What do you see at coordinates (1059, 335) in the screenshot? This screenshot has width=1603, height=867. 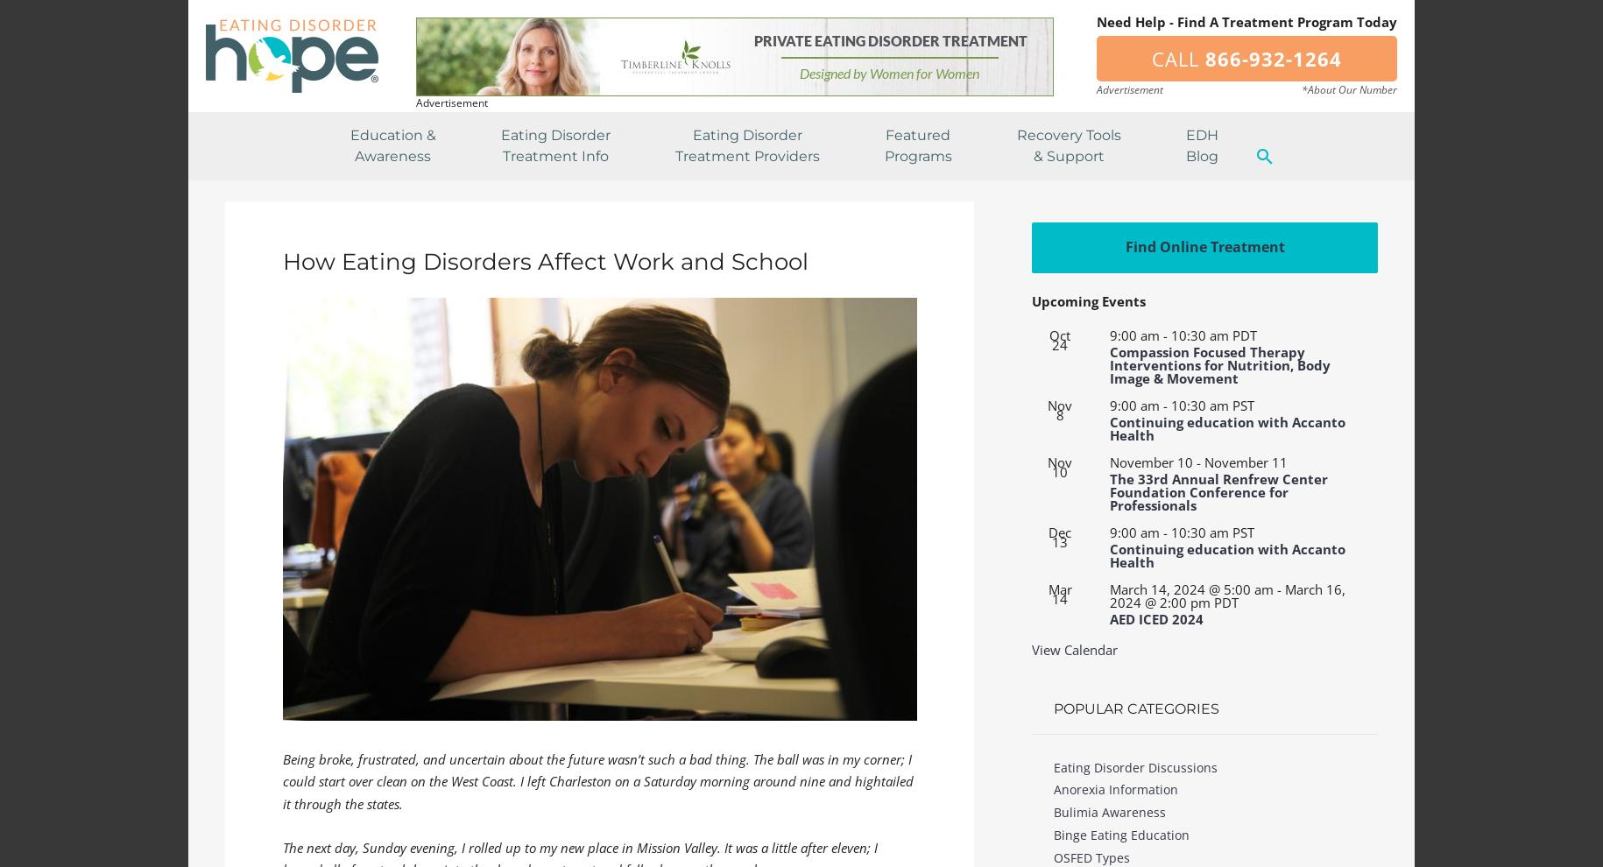 I see `'Oct'` at bounding box center [1059, 335].